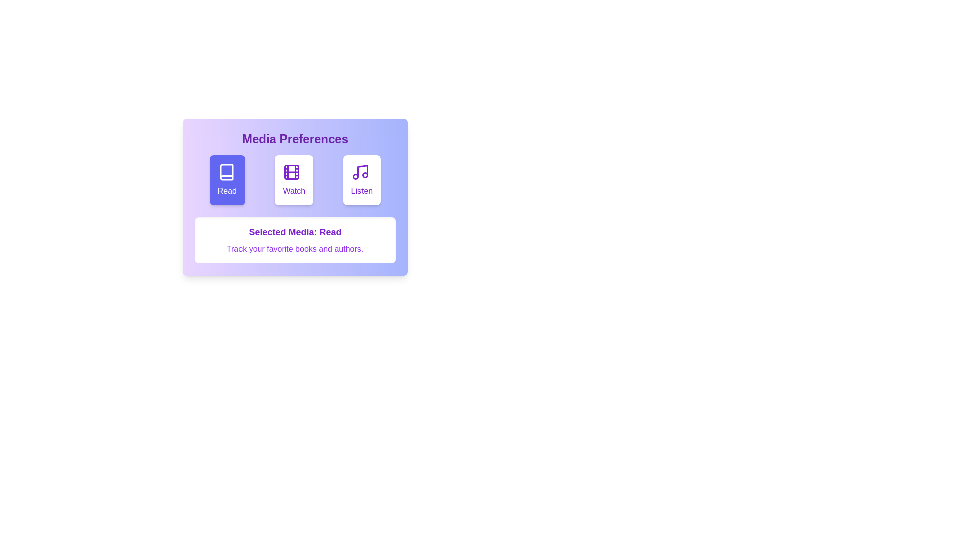 The width and height of the screenshot is (964, 542). I want to click on the media type Watch by clicking on the corresponding button, so click(293, 179).